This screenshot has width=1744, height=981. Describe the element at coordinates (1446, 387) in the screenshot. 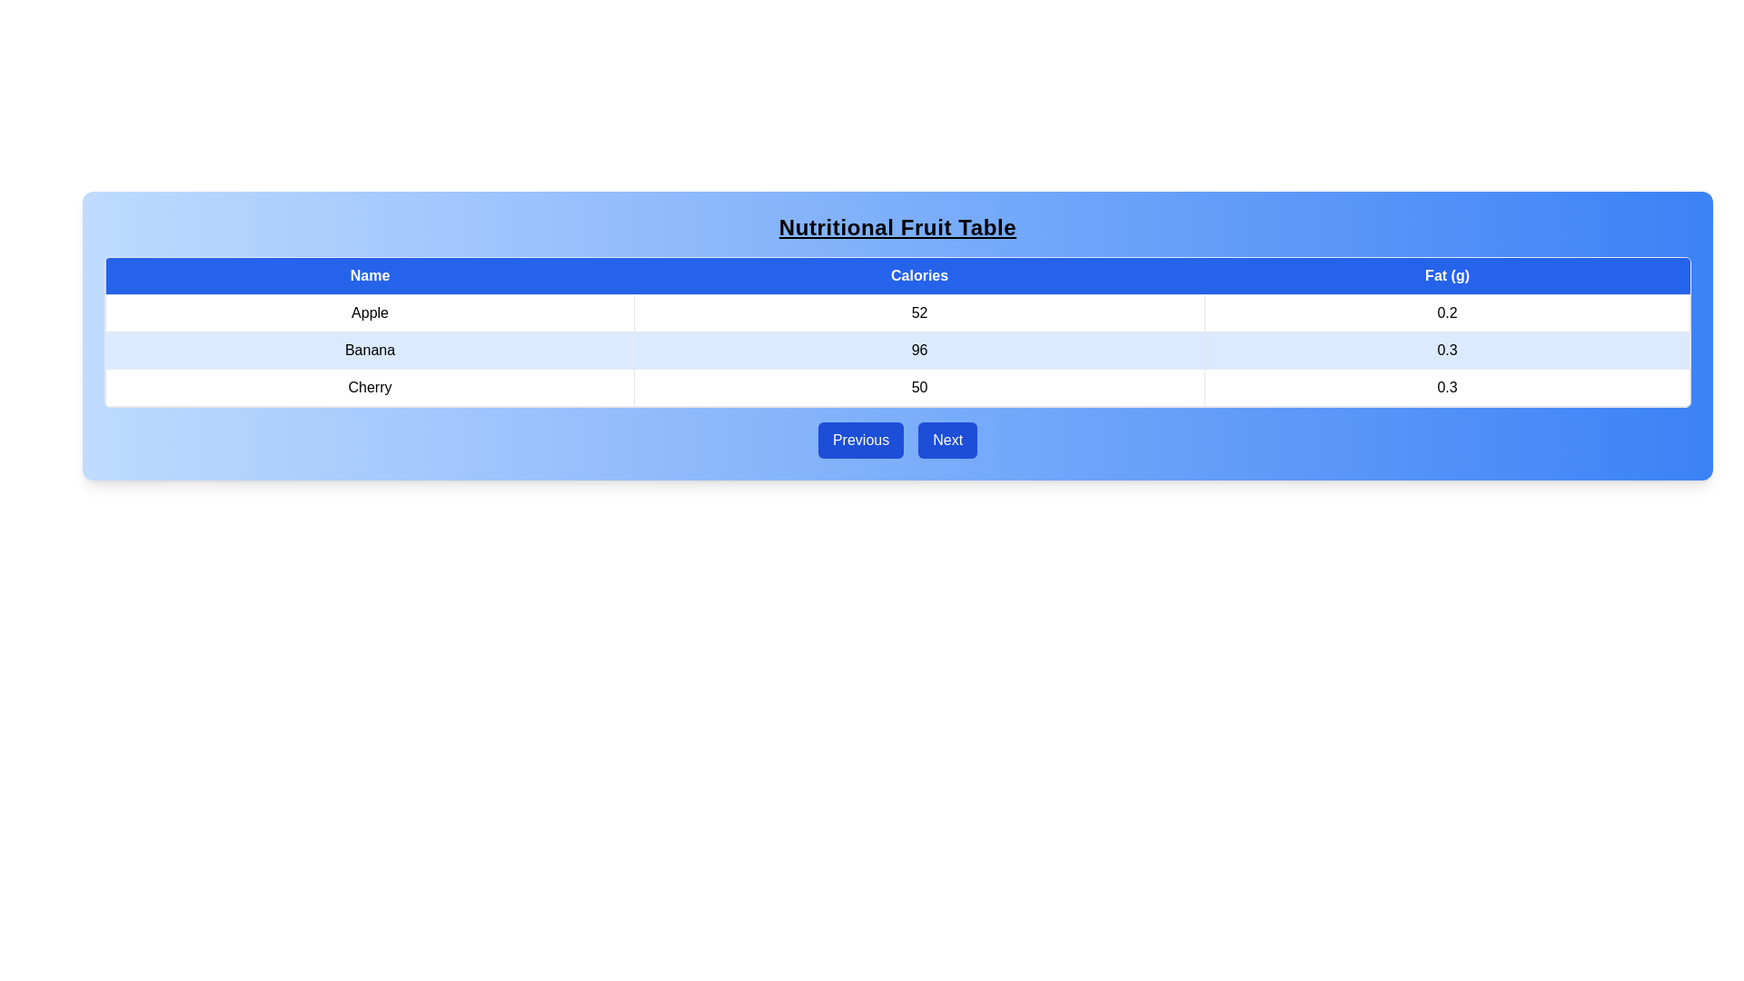

I see `the table cell displaying the fat content in grams for the item 'Cherry', which is located in the third column of the 'Nutritional Fruit Table'` at that location.